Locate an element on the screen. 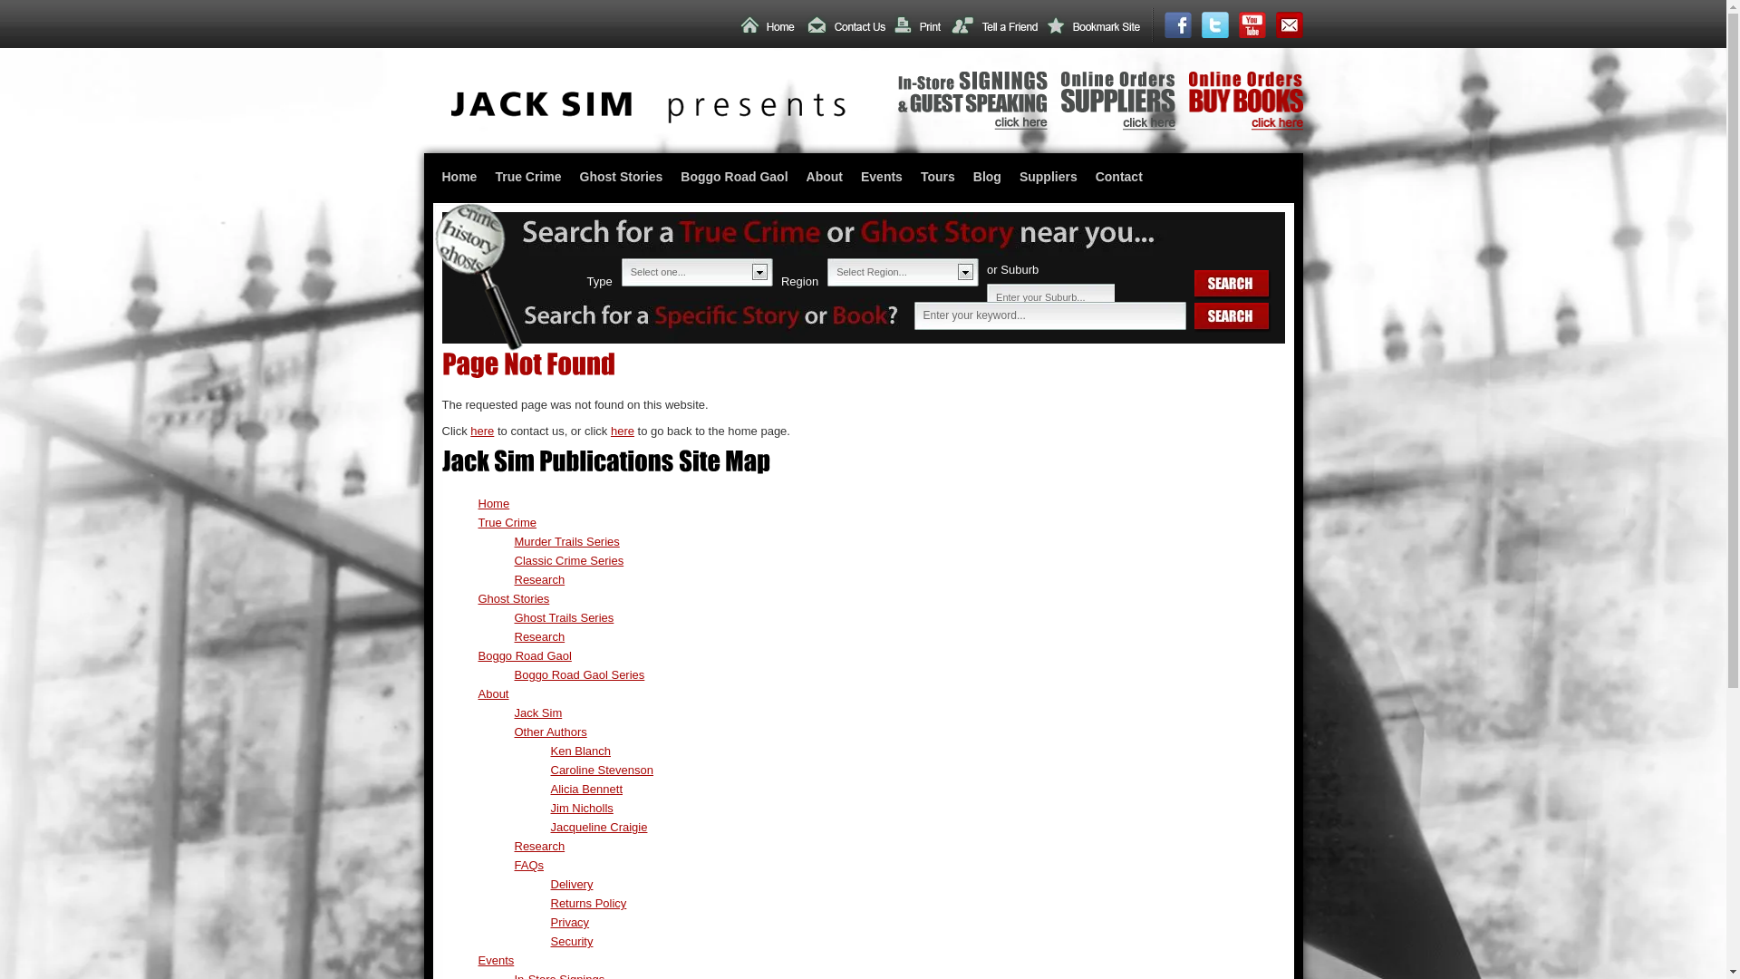 This screenshot has height=979, width=1740. 'Murder Trails Series' is located at coordinates (565, 540).